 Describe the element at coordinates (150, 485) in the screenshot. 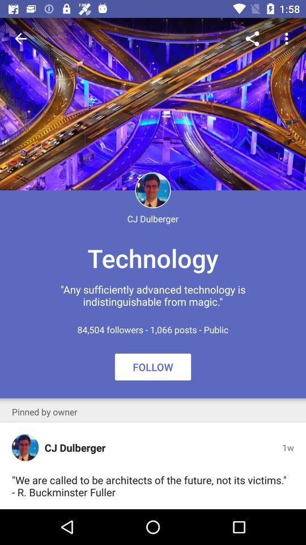

I see `the we are called item` at that location.